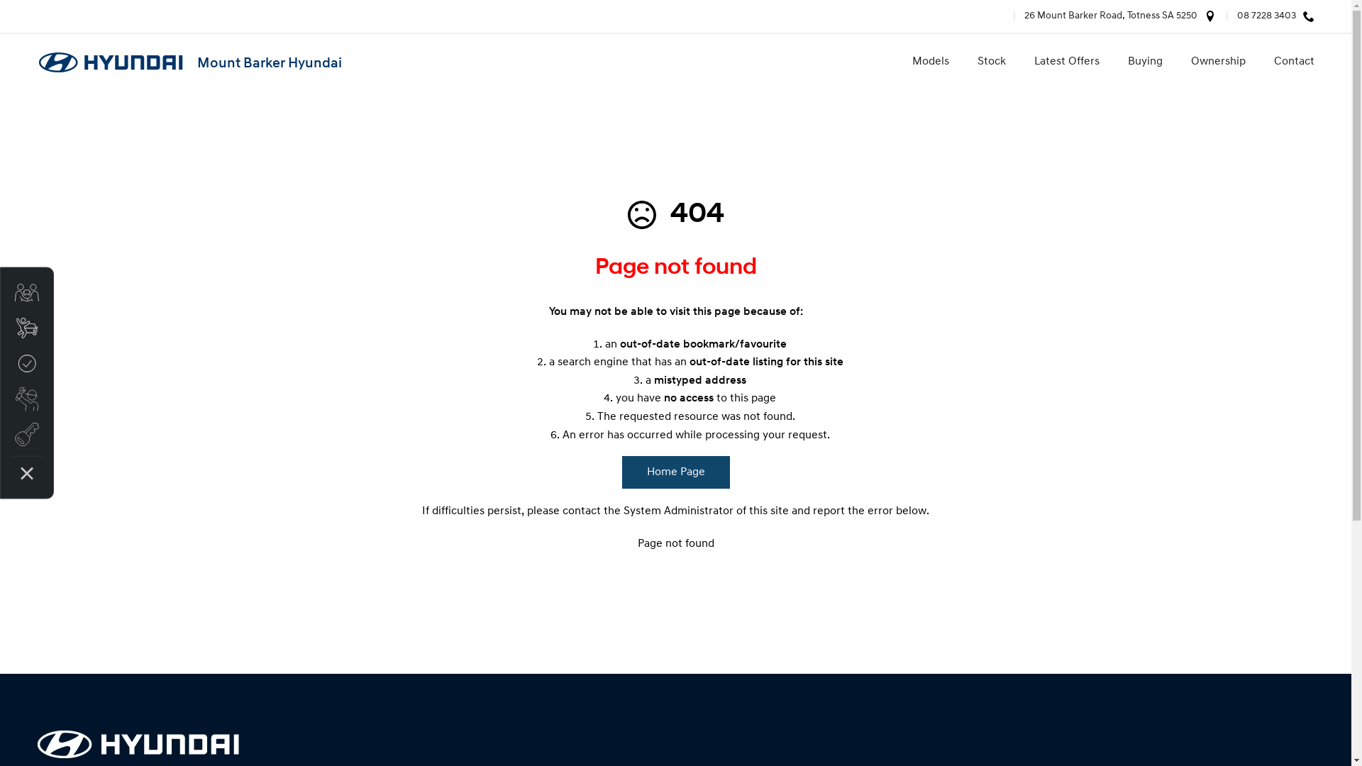 This screenshot has height=766, width=1362. I want to click on '08 7228 3403', so click(1260, 16).